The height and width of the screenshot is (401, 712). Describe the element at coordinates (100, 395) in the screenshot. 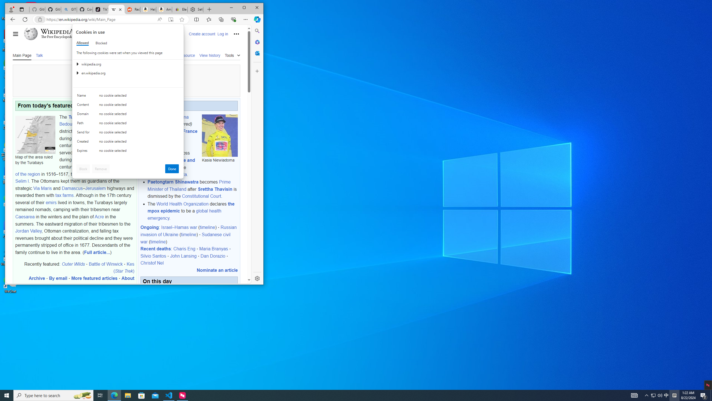

I see `'Task View'` at that location.